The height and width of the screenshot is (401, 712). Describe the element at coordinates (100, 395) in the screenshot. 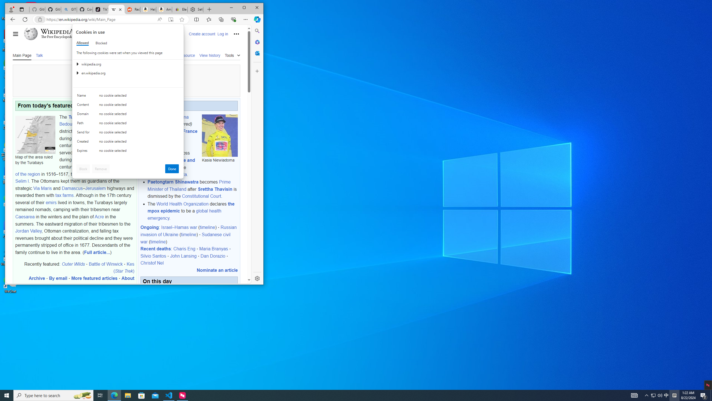

I see `'Task View'` at that location.